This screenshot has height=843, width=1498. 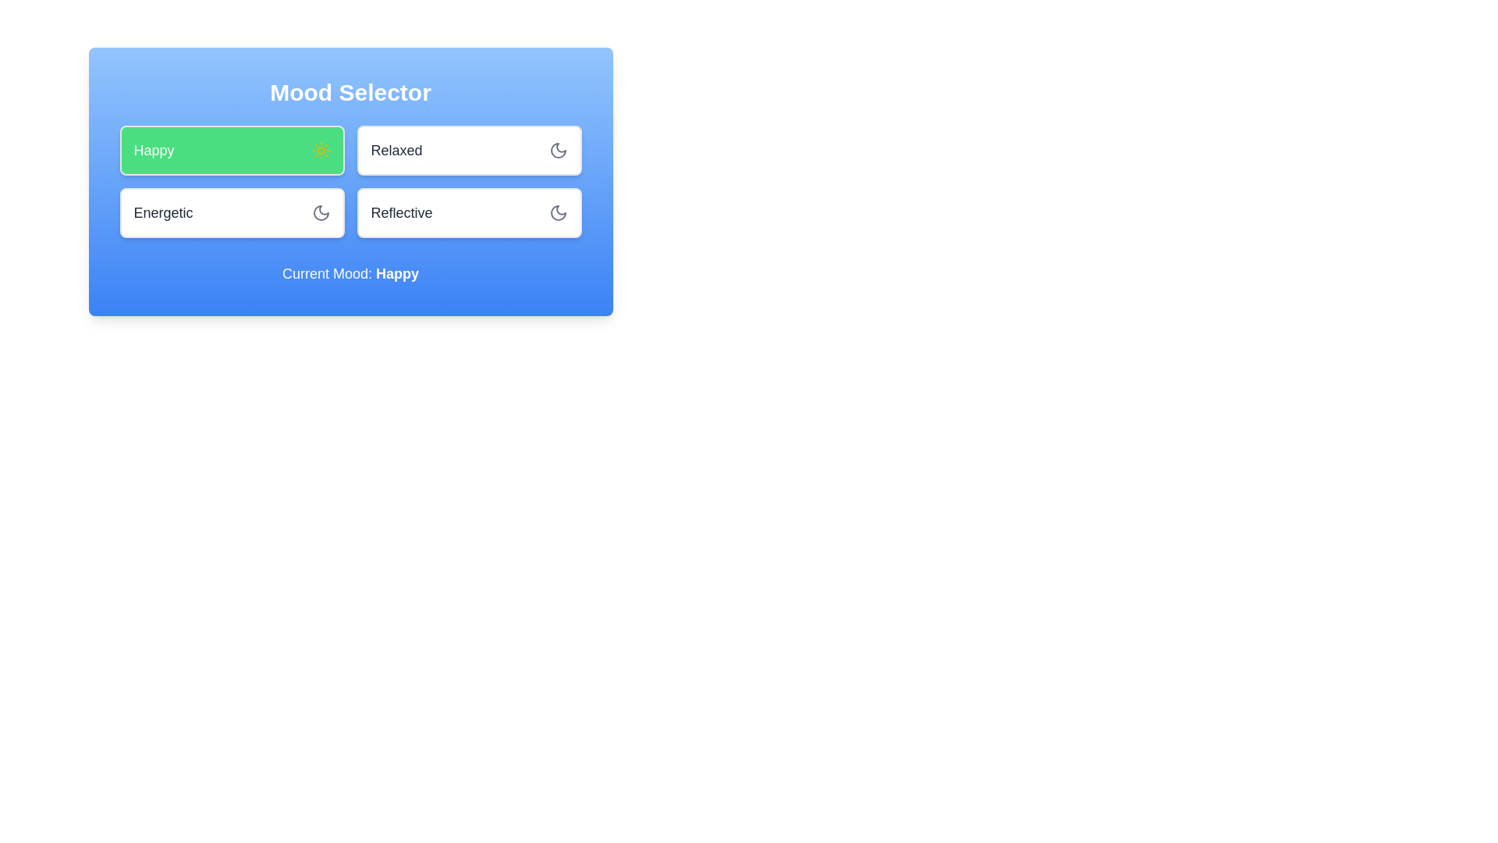 What do you see at coordinates (231, 150) in the screenshot?
I see `the 'Happy' button to observe its hover effect` at bounding box center [231, 150].